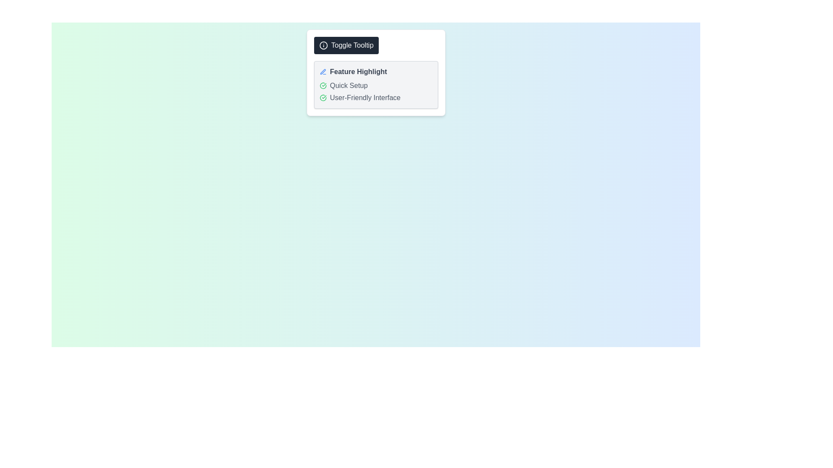  Describe the element at coordinates (323, 45) in the screenshot. I see `the information icon located on the leftmost side of the 'Toggle Tooltip' button near the top-center of the interface` at that location.